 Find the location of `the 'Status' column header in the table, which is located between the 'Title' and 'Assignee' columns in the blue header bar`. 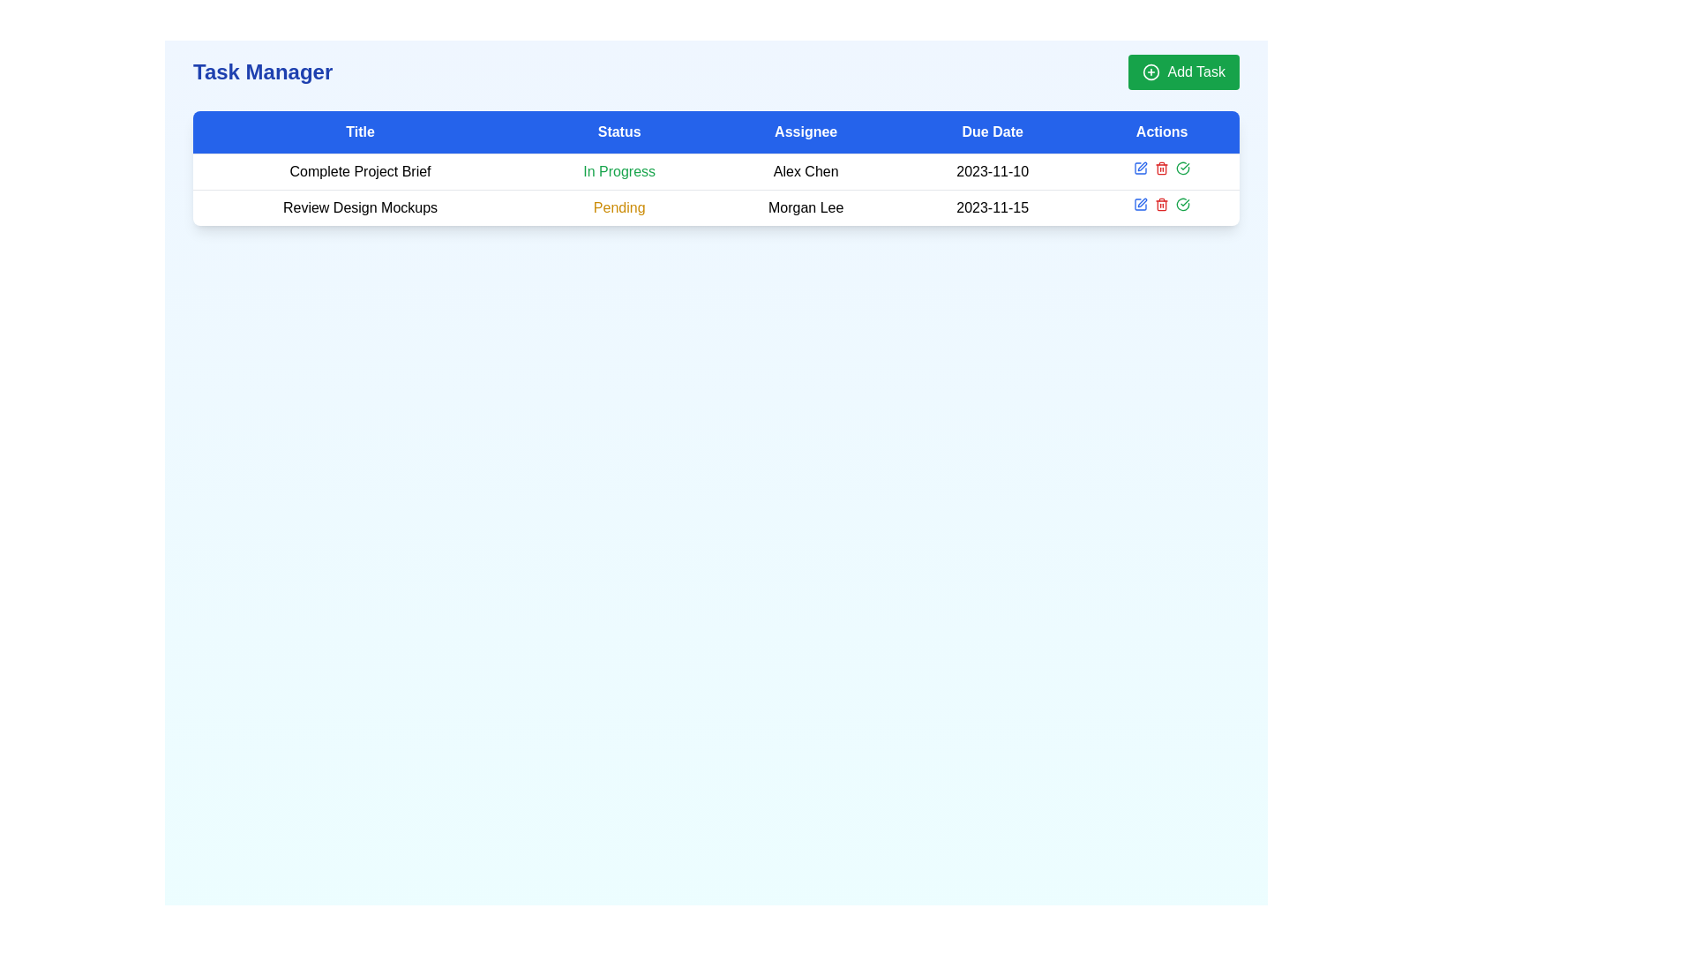

the 'Status' column header in the table, which is located between the 'Title' and 'Assignee' columns in the blue header bar is located at coordinates (619, 131).